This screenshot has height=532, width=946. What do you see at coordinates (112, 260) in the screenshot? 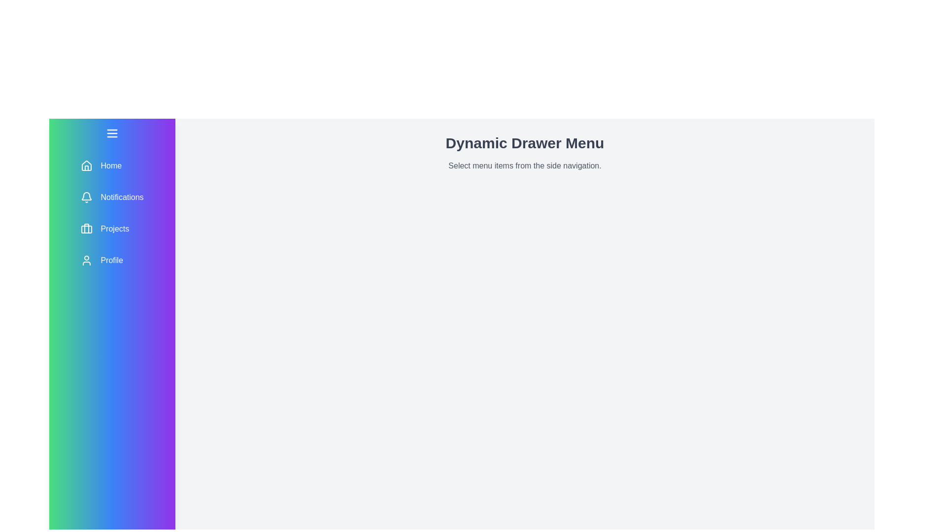
I see `the menu item Profile from the drawer menu` at bounding box center [112, 260].